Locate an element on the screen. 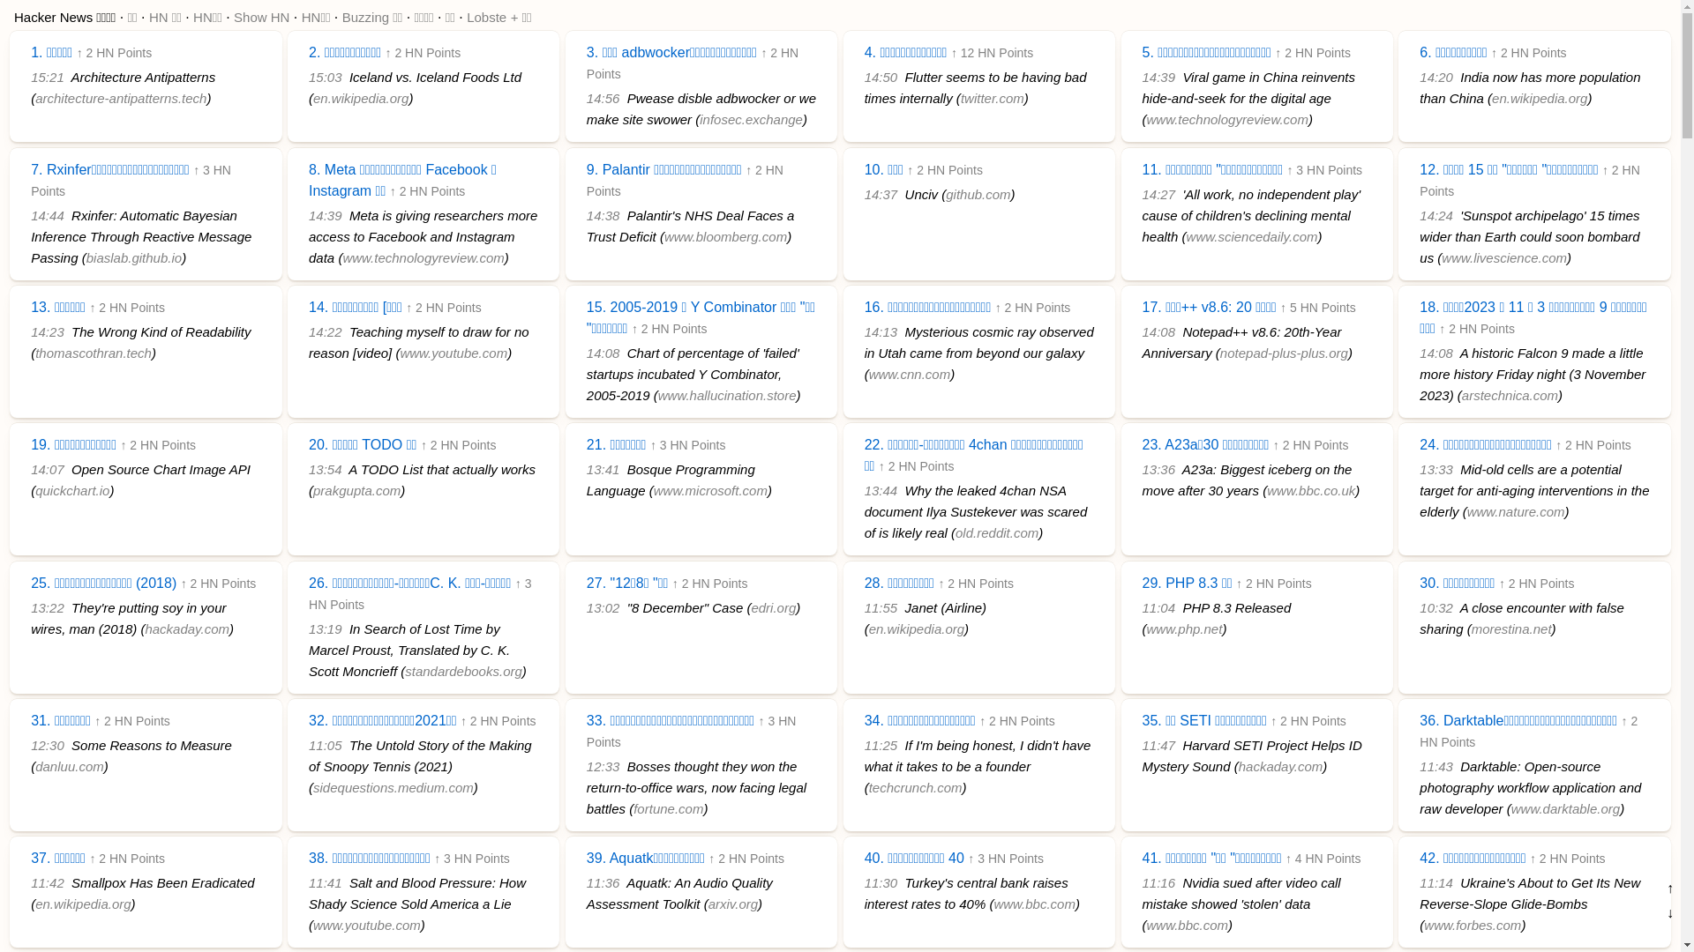  '11:43' is located at coordinates (1435, 765).